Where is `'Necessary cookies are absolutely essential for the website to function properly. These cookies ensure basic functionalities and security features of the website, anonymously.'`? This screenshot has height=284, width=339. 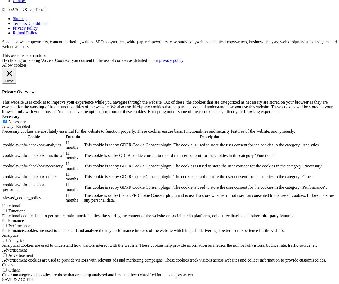
'Necessary cookies are absolutely essential for the website to function properly. These cookies ensure basic functionalities and security features of the website, anonymously.' is located at coordinates (148, 131).